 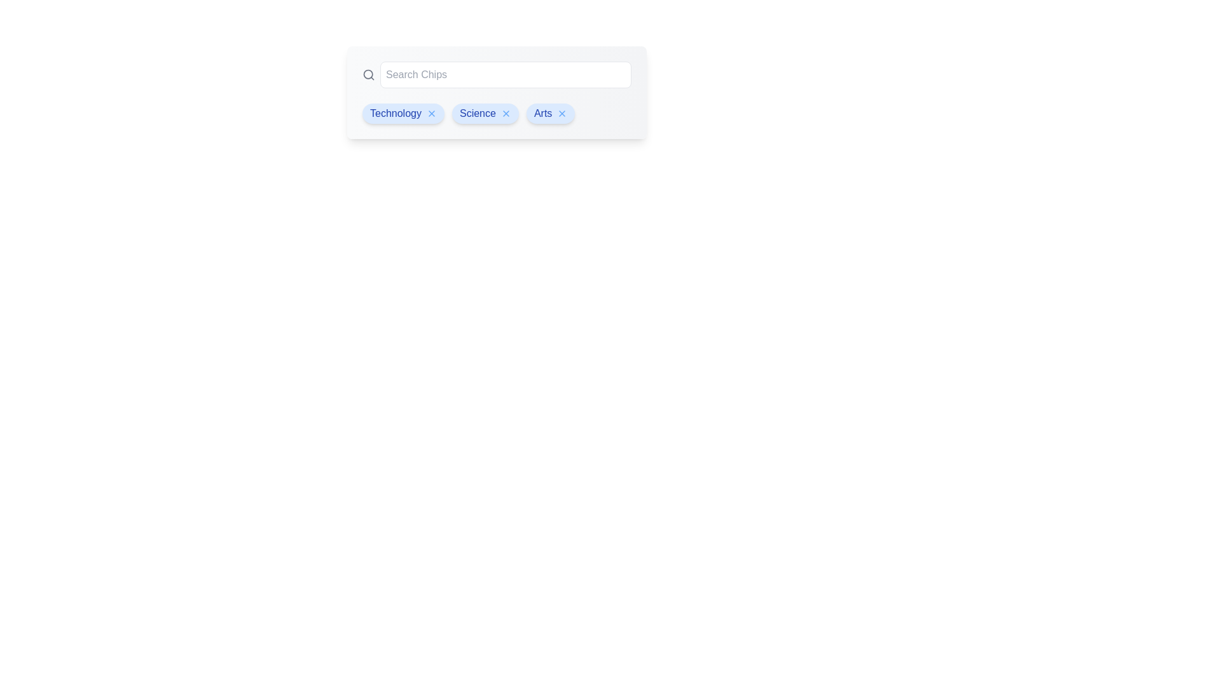 What do you see at coordinates (505, 112) in the screenshot?
I see `delete button for the chip labeled Science` at bounding box center [505, 112].